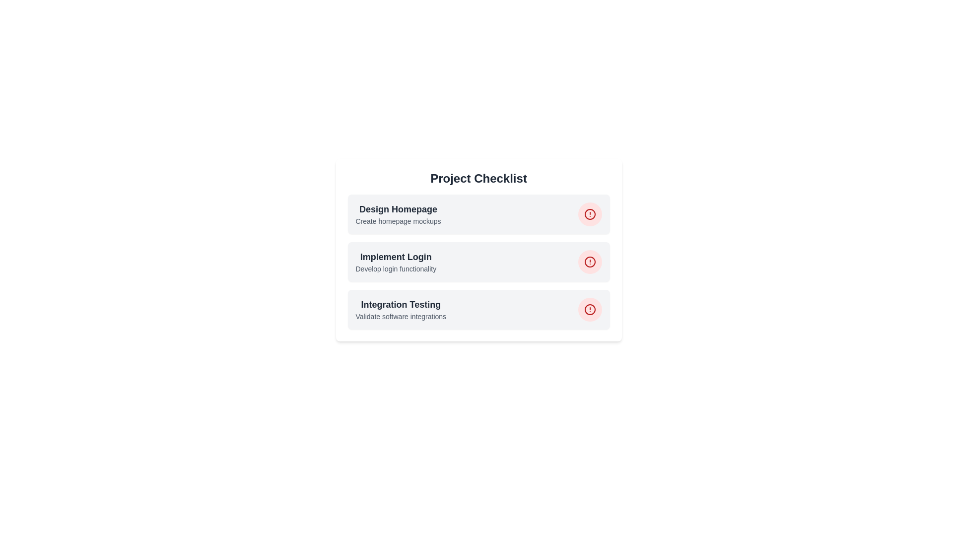 This screenshot has width=953, height=536. I want to click on the header text element that reads 'Design Homepage', which is styled prominently in bold and larger-sized text, located at the top of the first card in a vertical list of cards, so click(398, 208).